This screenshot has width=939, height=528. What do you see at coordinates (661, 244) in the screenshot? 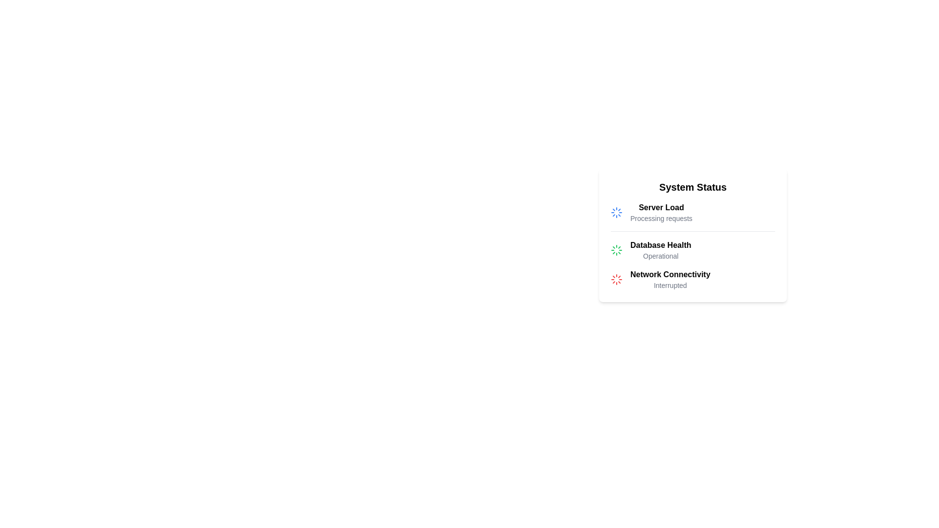
I see `the bold text label 'Database Health' which is part of the 'System Status' panel, positioned below 'Server Load' and above 'Network Connectivity'` at bounding box center [661, 244].